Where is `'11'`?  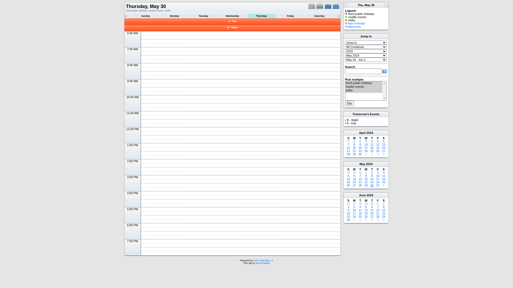
'11' is located at coordinates (382, 176).